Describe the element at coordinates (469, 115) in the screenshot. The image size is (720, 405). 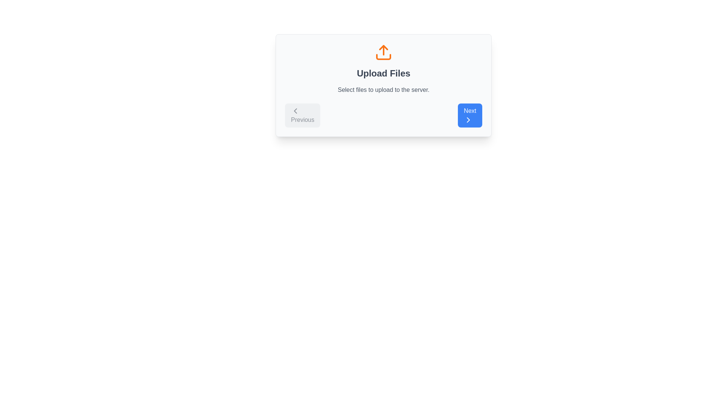
I see `the blue button labeled 'Next' with rounded corners to observe any interactive changes` at that location.